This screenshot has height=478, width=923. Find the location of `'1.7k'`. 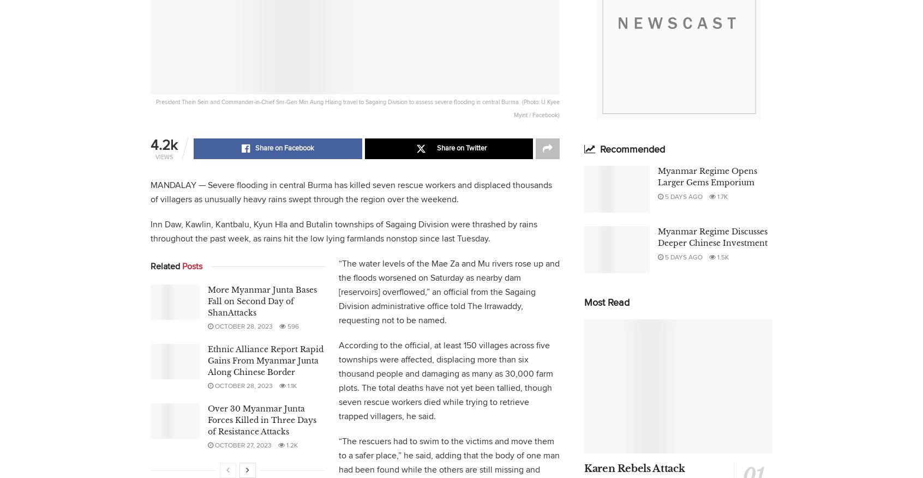

'1.7k' is located at coordinates (721, 197).